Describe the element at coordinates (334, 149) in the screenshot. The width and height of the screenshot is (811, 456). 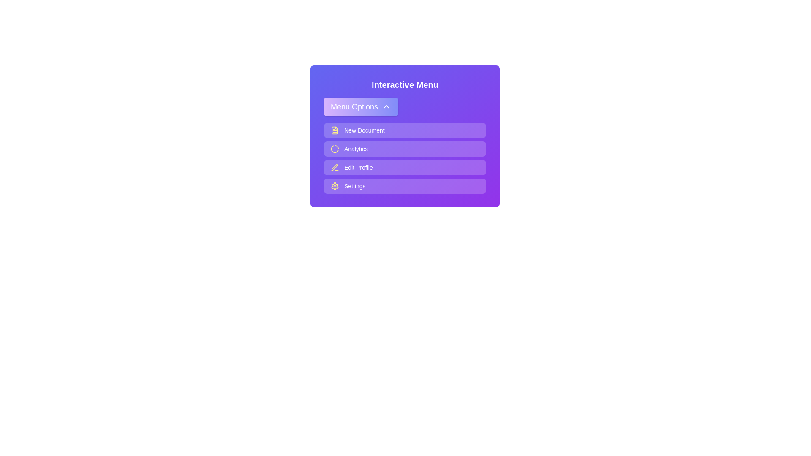
I see `the pie chart icon in the vertical menu labeled 'Analytics', which is highlighted in yellow and features a modern design` at that location.